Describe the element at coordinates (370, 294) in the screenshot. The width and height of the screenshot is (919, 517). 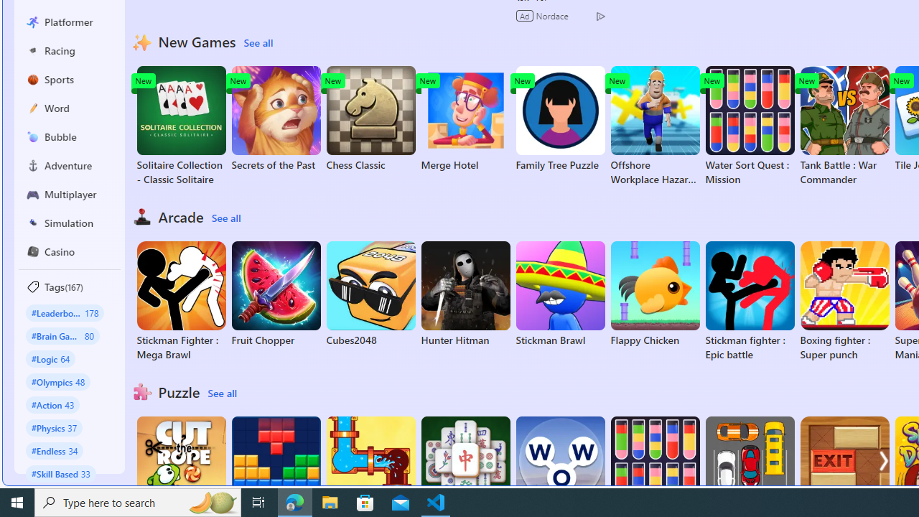
I see `'Cubes2048'` at that location.